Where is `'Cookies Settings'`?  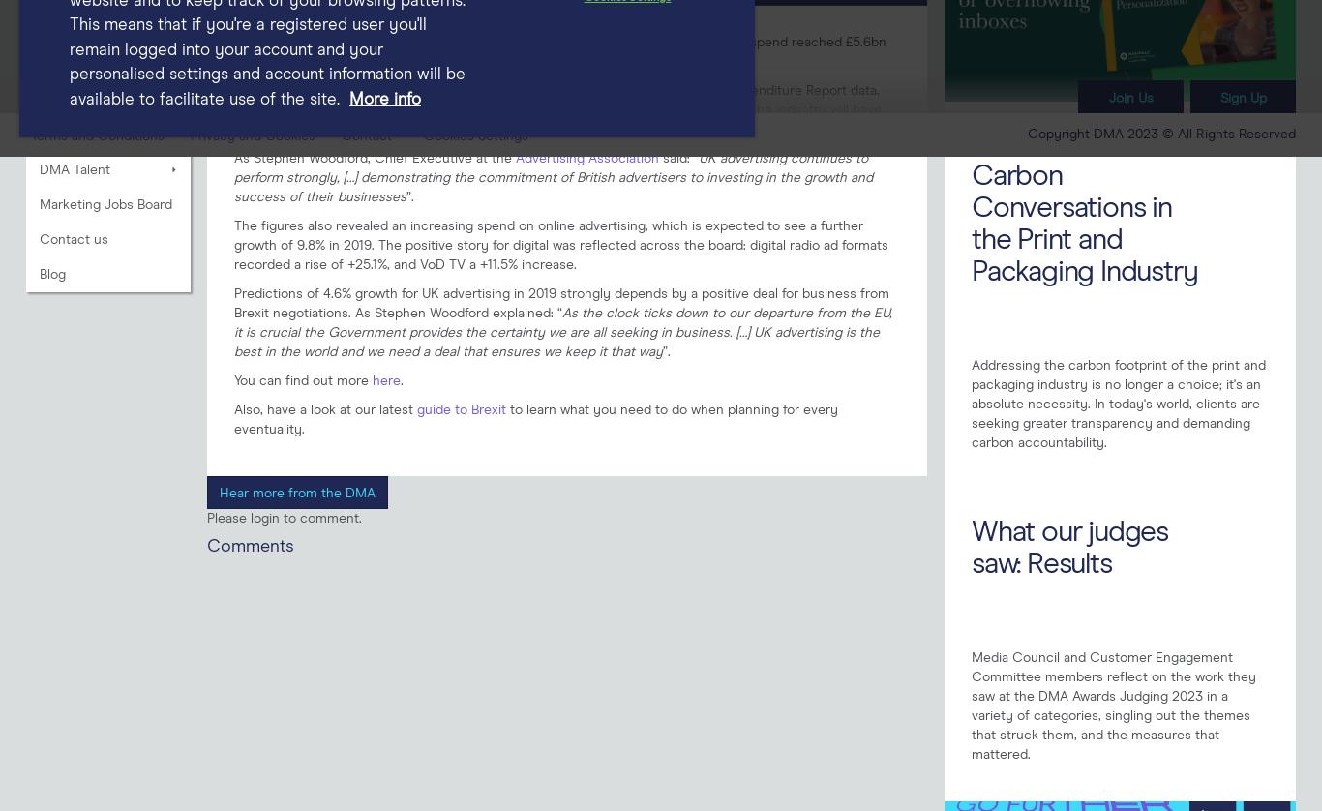
'Cookies Settings' is located at coordinates (476, 136).